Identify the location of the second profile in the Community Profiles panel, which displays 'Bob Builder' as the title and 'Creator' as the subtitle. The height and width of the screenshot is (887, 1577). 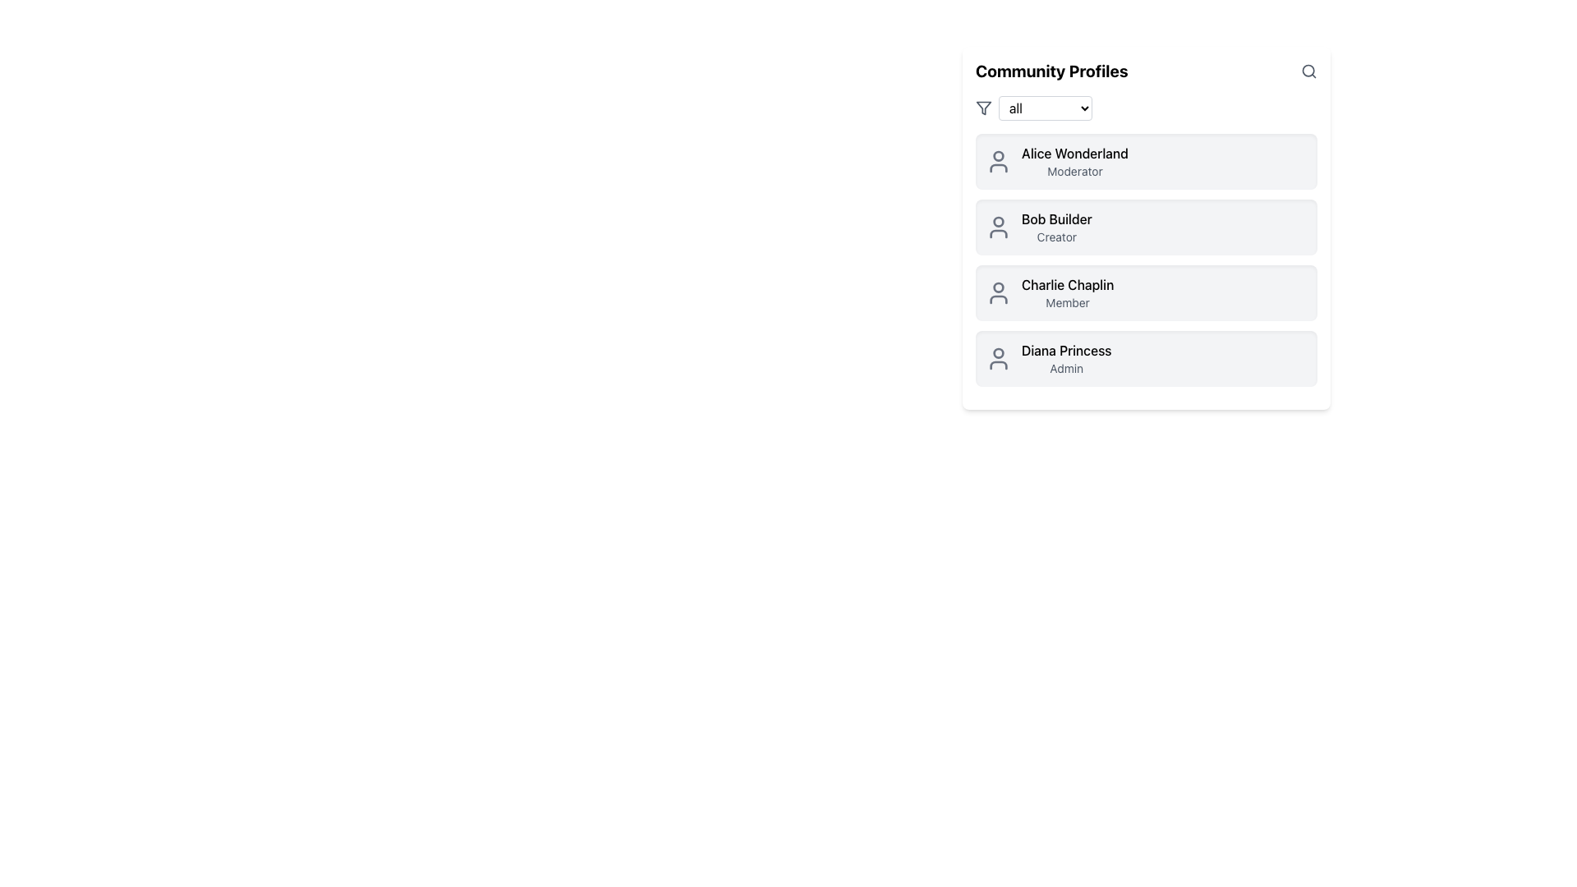
(1146, 227).